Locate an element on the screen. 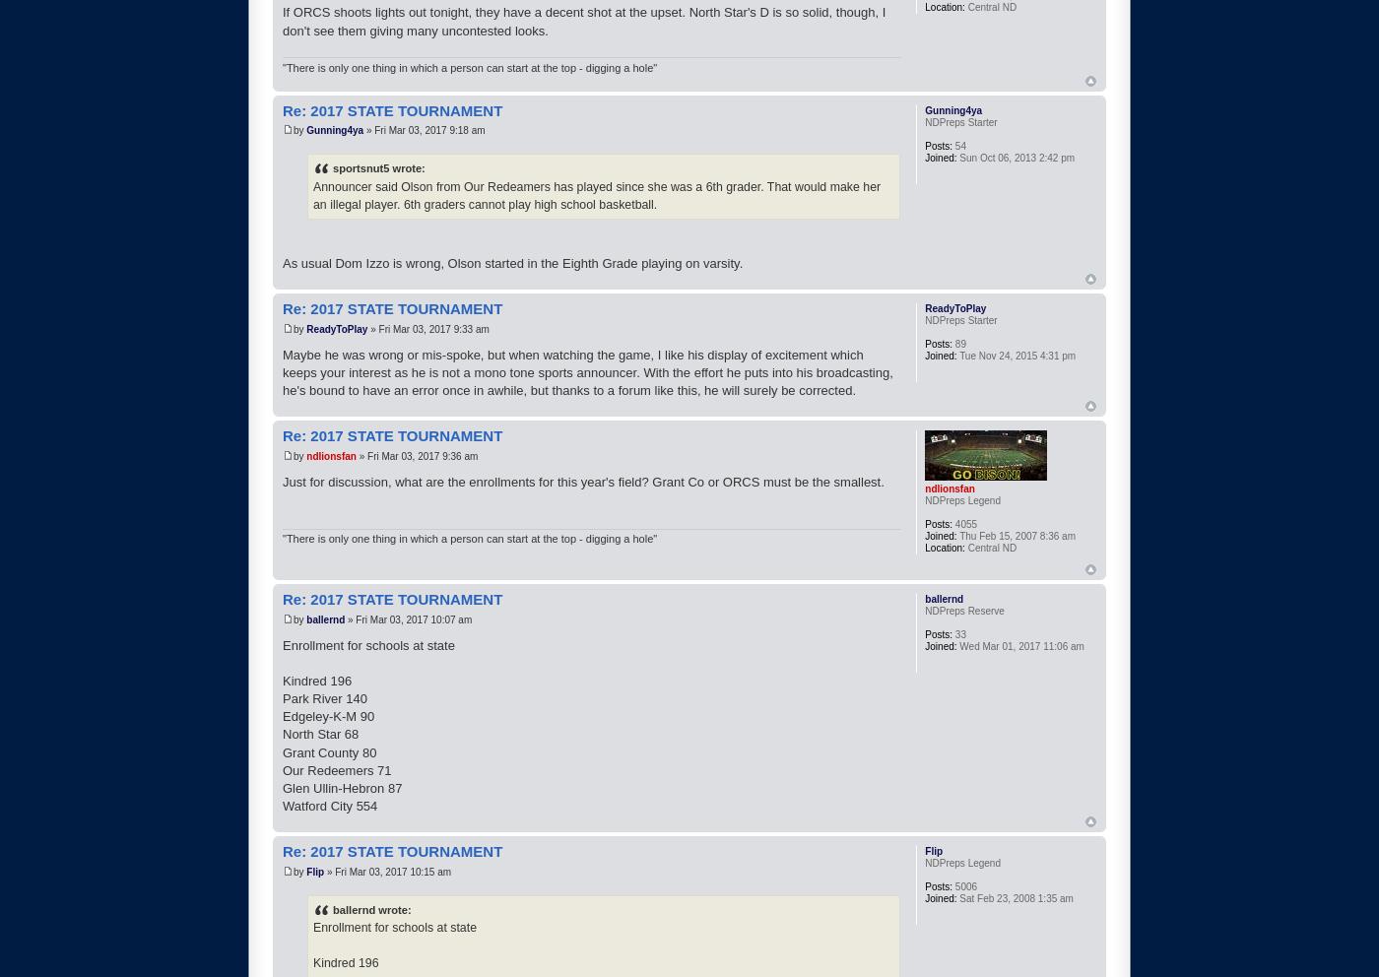  'Just for discussion, what are the enrollments for this year's field?  Grant Co or ORCS must be the smallest.' is located at coordinates (583, 481).